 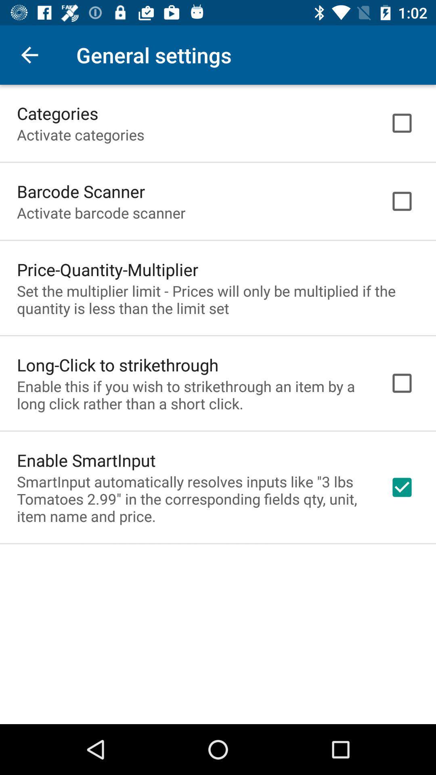 I want to click on the enable this if item, so click(x=193, y=395).